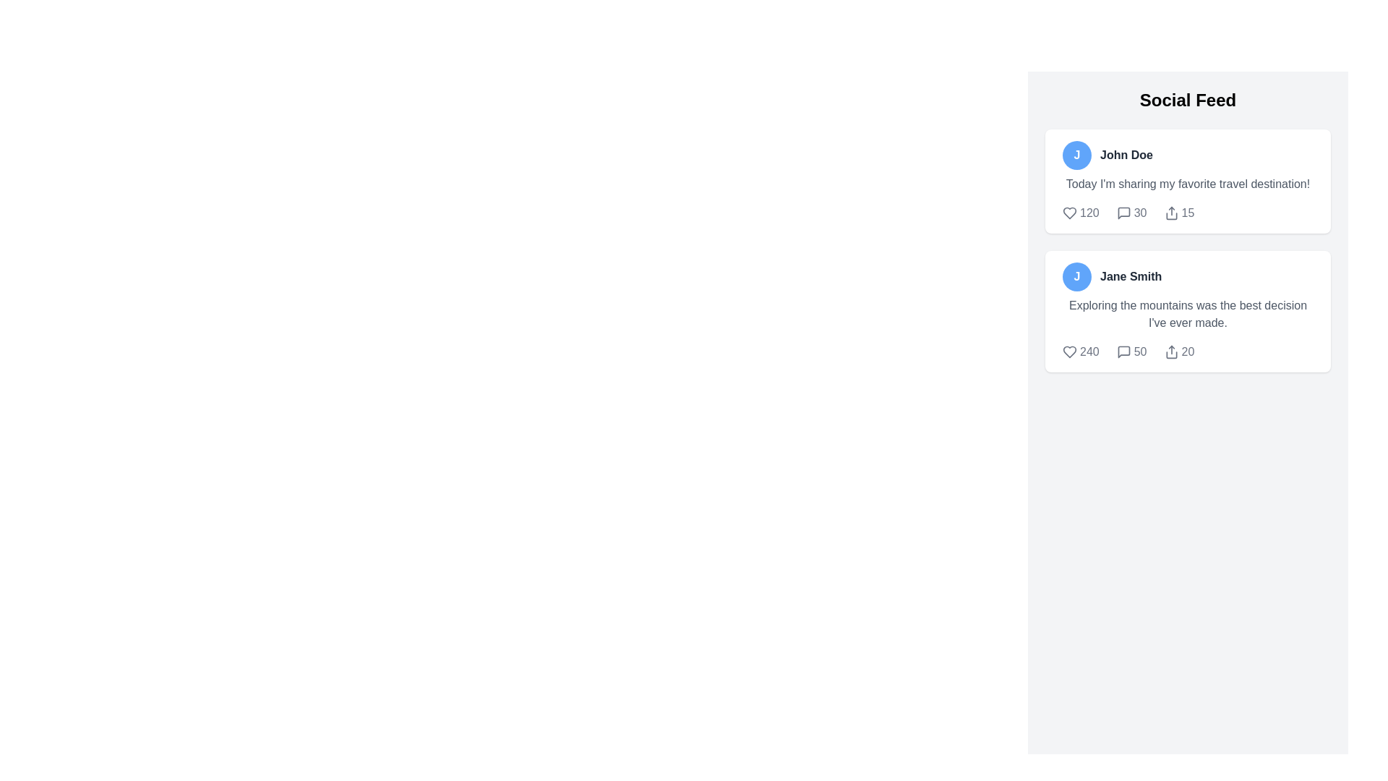 Image resolution: width=1388 pixels, height=781 pixels. What do you see at coordinates (1188, 351) in the screenshot?
I see `the text label indicating the number of shares for Jane Smith's post, which is the last numeric representation in a horizontal list of three pairs at the bottom` at bounding box center [1188, 351].